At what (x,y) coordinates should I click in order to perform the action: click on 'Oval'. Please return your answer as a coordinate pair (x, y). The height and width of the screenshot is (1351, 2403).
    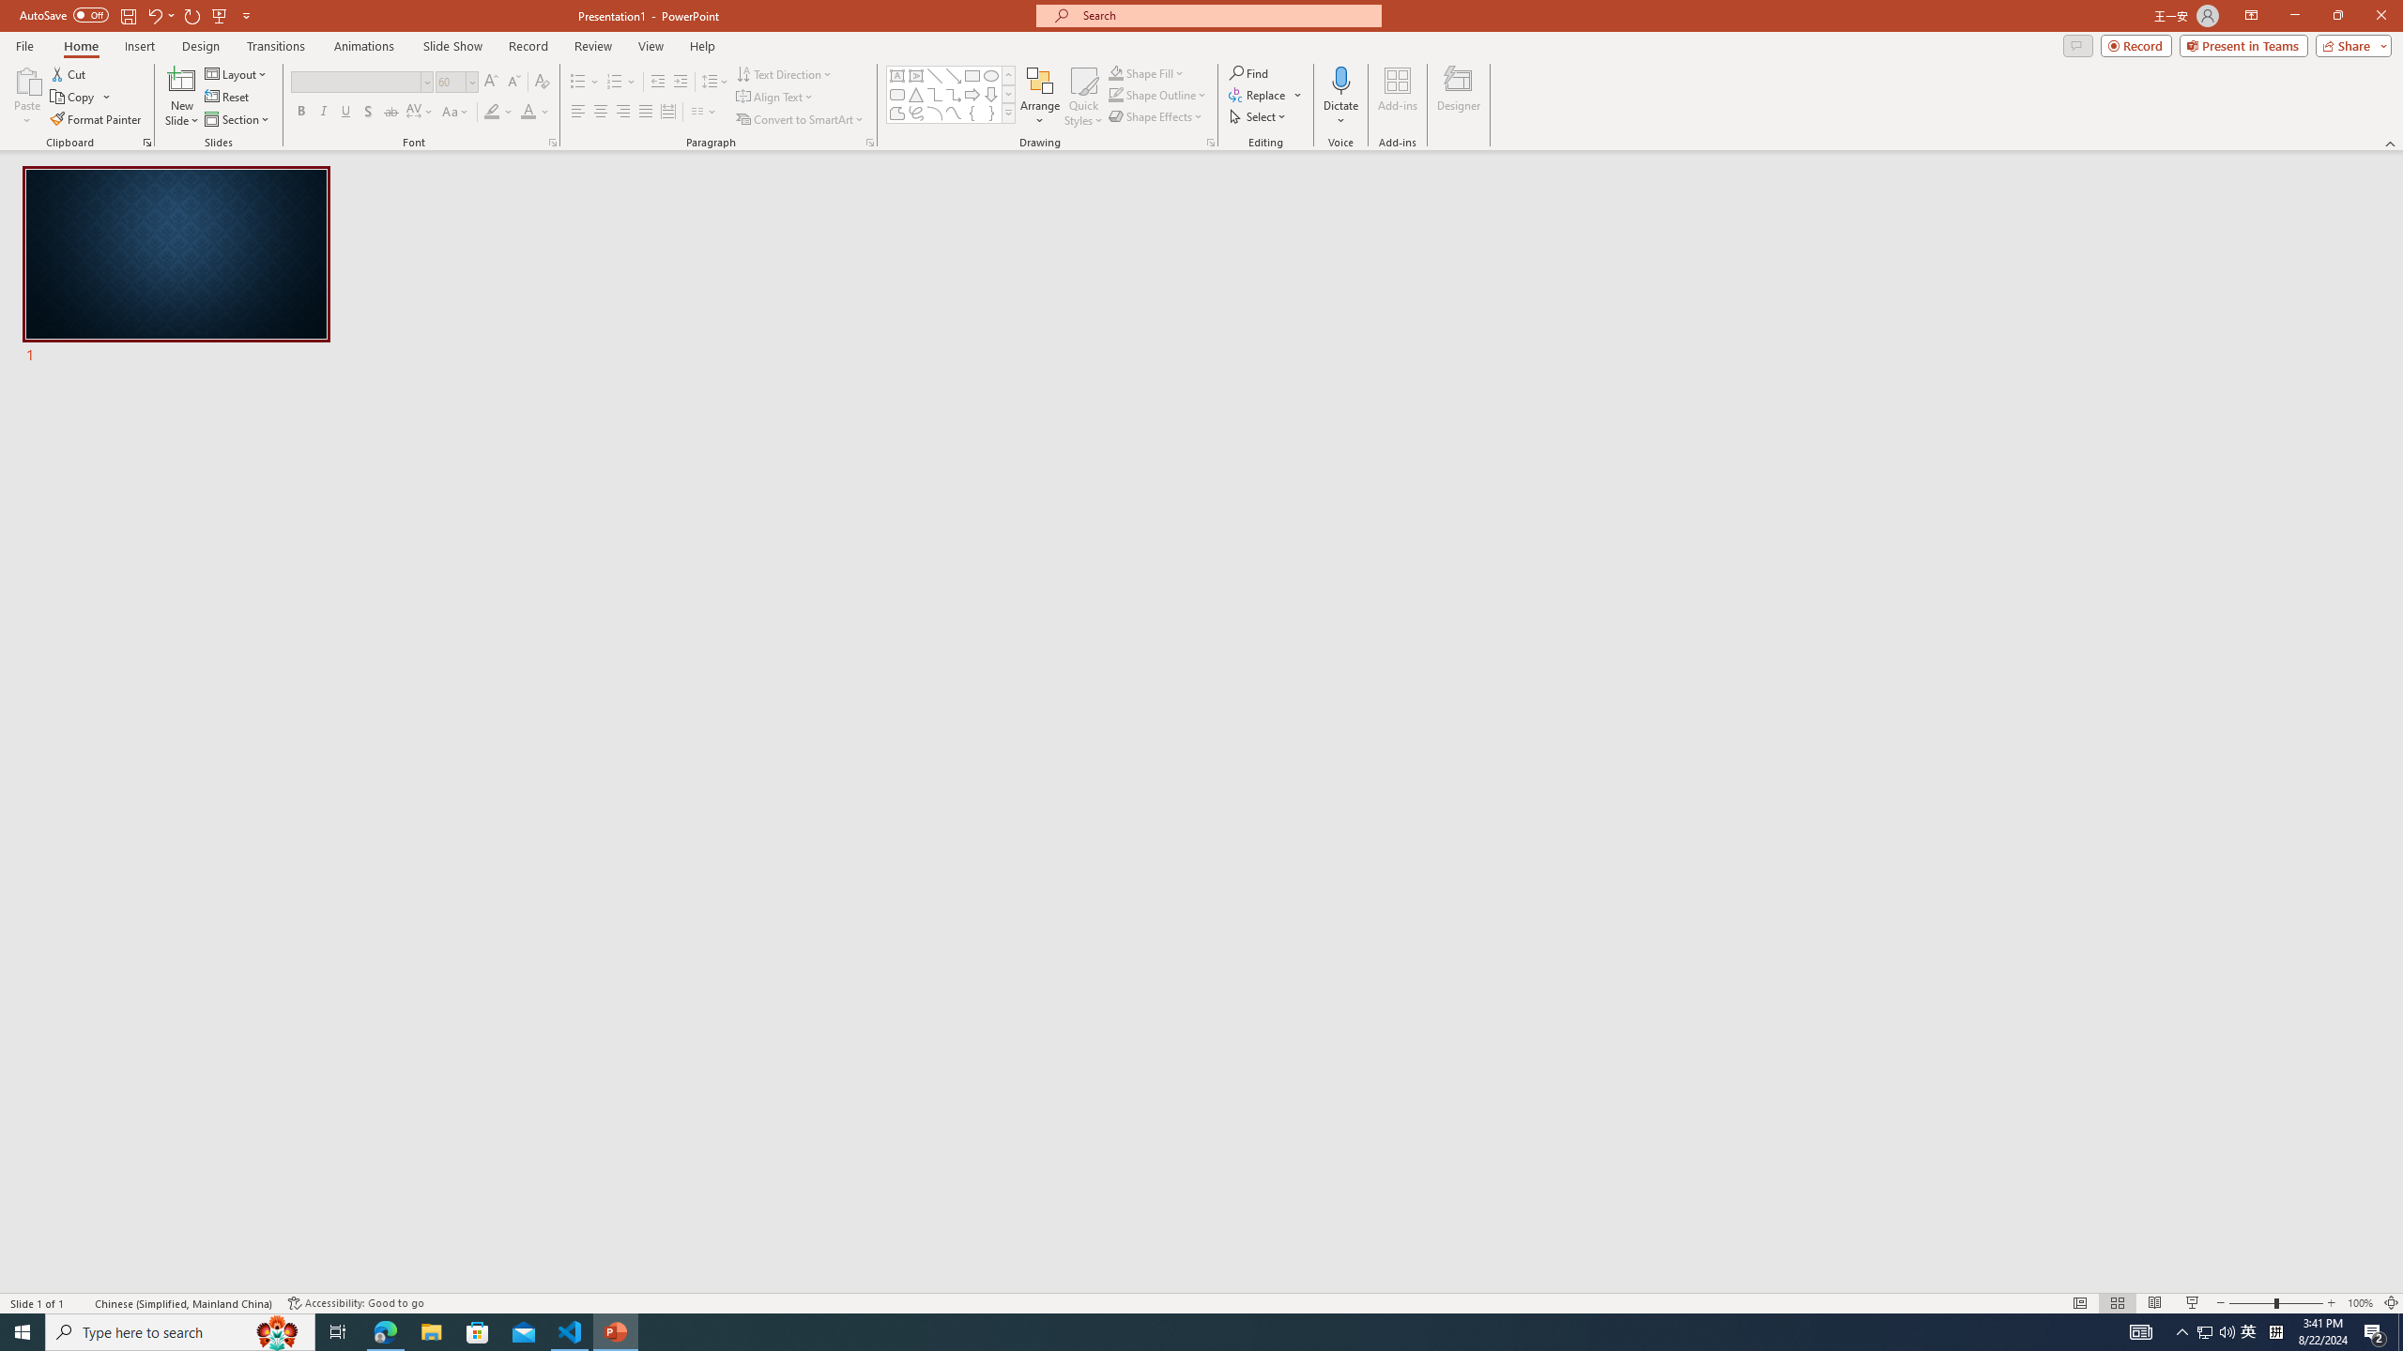
    Looking at the image, I should click on (990, 75).